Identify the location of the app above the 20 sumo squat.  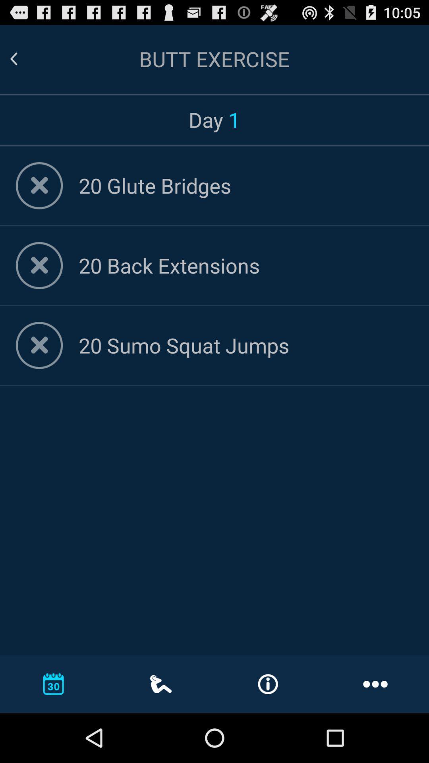
(245, 265).